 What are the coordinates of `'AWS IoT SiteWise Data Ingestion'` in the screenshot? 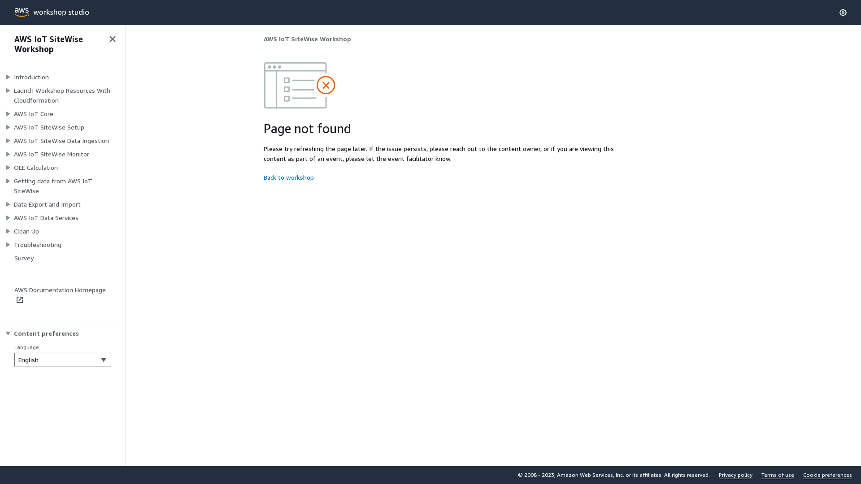 It's located at (61, 140).